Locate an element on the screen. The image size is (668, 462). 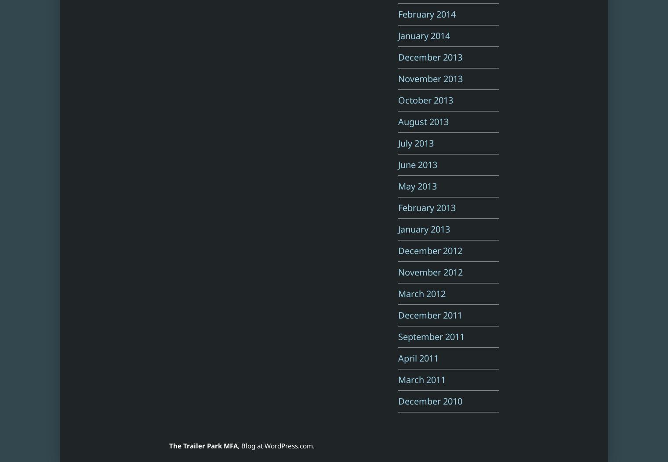
'Blog at WordPress.com.' is located at coordinates (277, 445).